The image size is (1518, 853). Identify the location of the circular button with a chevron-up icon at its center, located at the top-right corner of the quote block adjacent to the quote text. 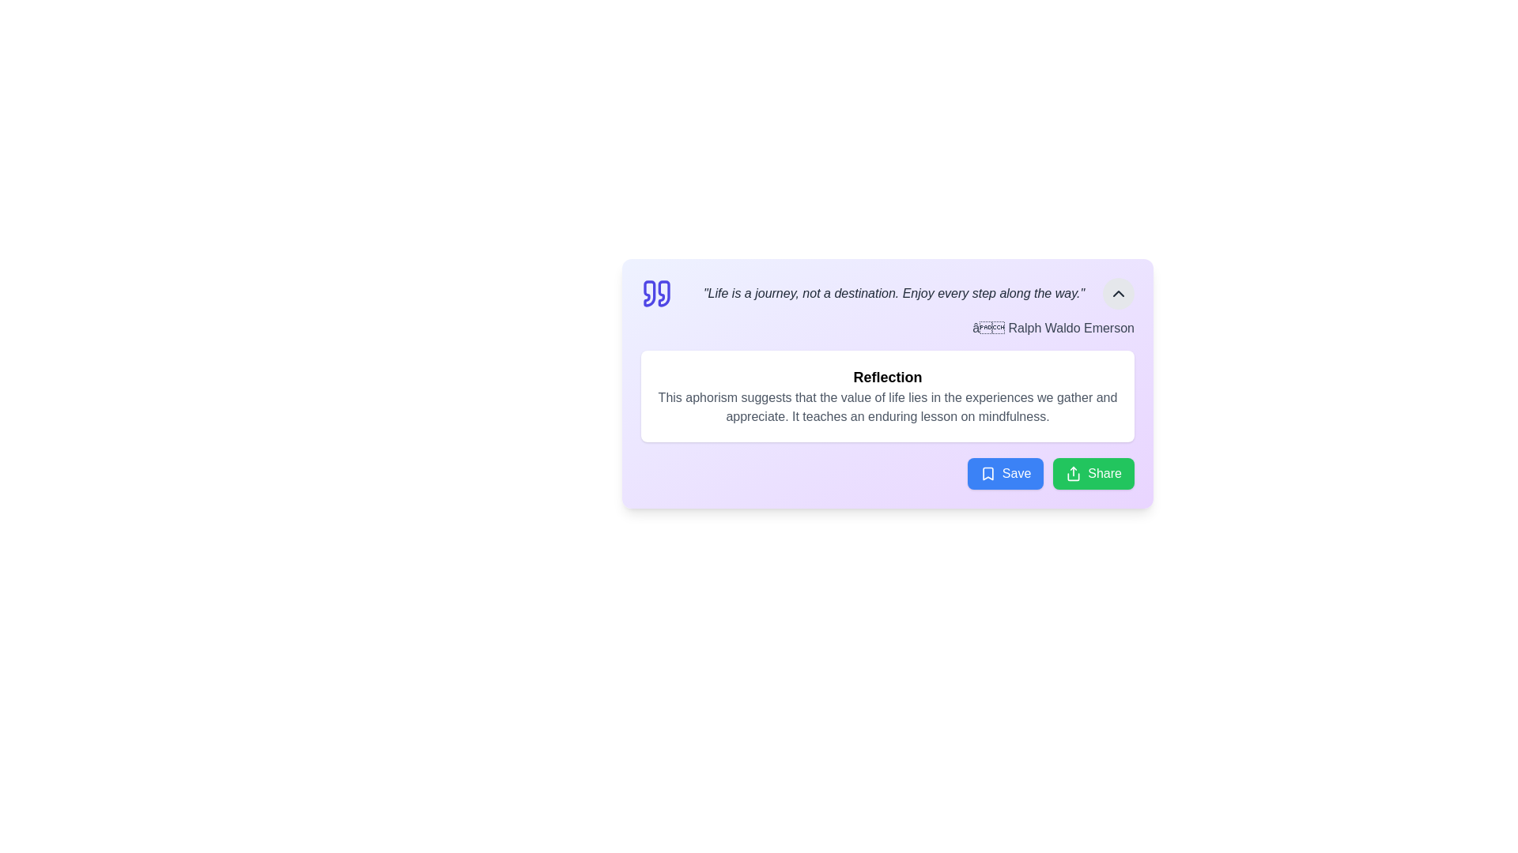
(1118, 293).